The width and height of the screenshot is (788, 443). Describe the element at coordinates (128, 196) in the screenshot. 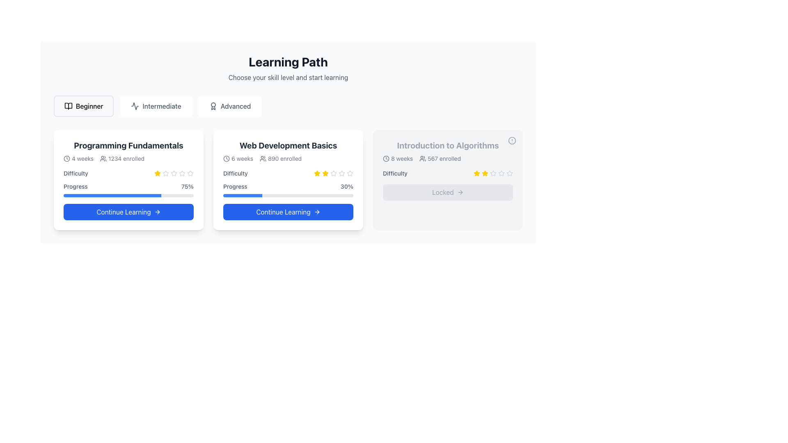

I see `the progress bar located within the 'Programming Fundamentals' card, beneath the 'Progress' label and above the 'Continue Learning' button` at that location.